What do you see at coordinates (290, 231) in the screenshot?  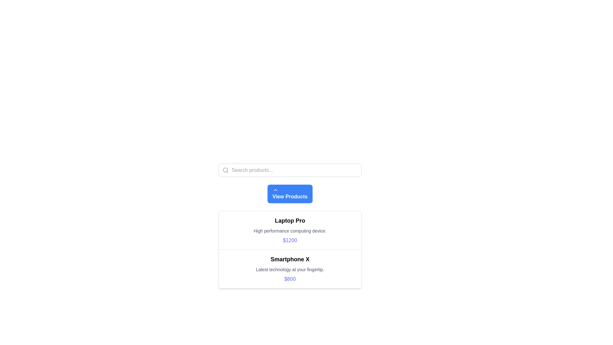 I see `text label that provides a brief description of the product 'Laptop Pro', which is centrally aligned and positioned between the title and the price information` at bounding box center [290, 231].